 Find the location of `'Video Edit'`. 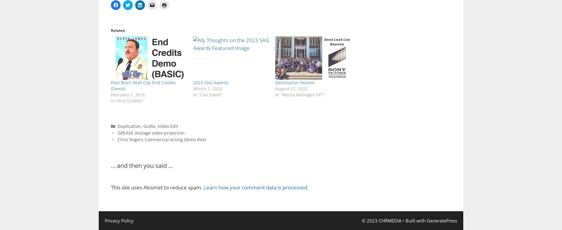

'Video Edit' is located at coordinates (167, 126).